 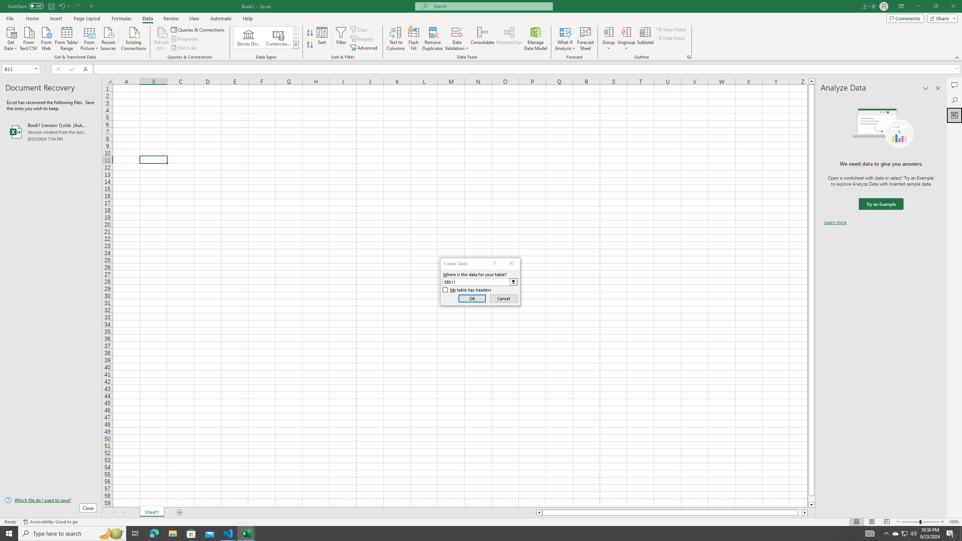 I want to click on 'Advanced...', so click(x=365, y=48).